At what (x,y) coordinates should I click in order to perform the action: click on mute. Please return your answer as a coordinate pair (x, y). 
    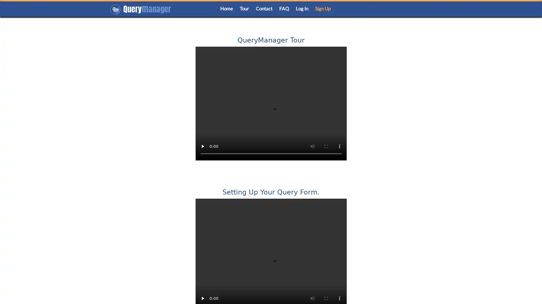
    Looking at the image, I should click on (312, 146).